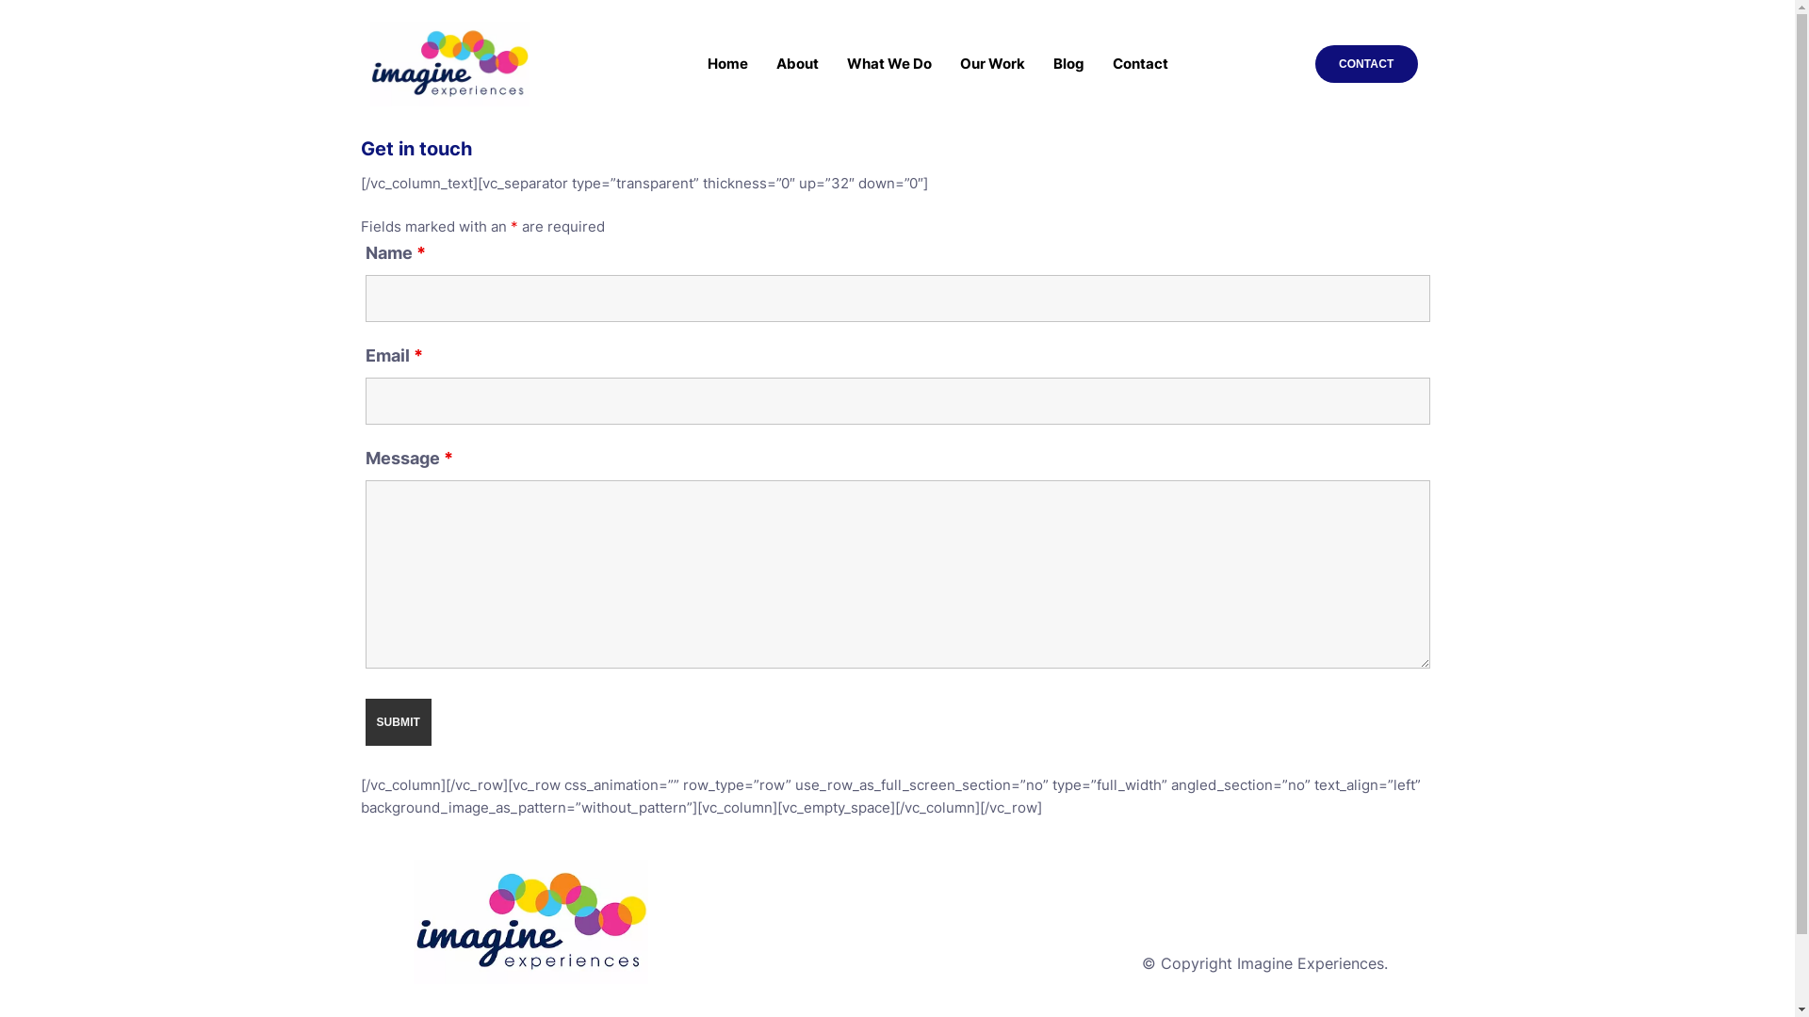 This screenshot has height=1017, width=1809. Describe the element at coordinates (1366, 63) in the screenshot. I see `'CONTACT'` at that location.